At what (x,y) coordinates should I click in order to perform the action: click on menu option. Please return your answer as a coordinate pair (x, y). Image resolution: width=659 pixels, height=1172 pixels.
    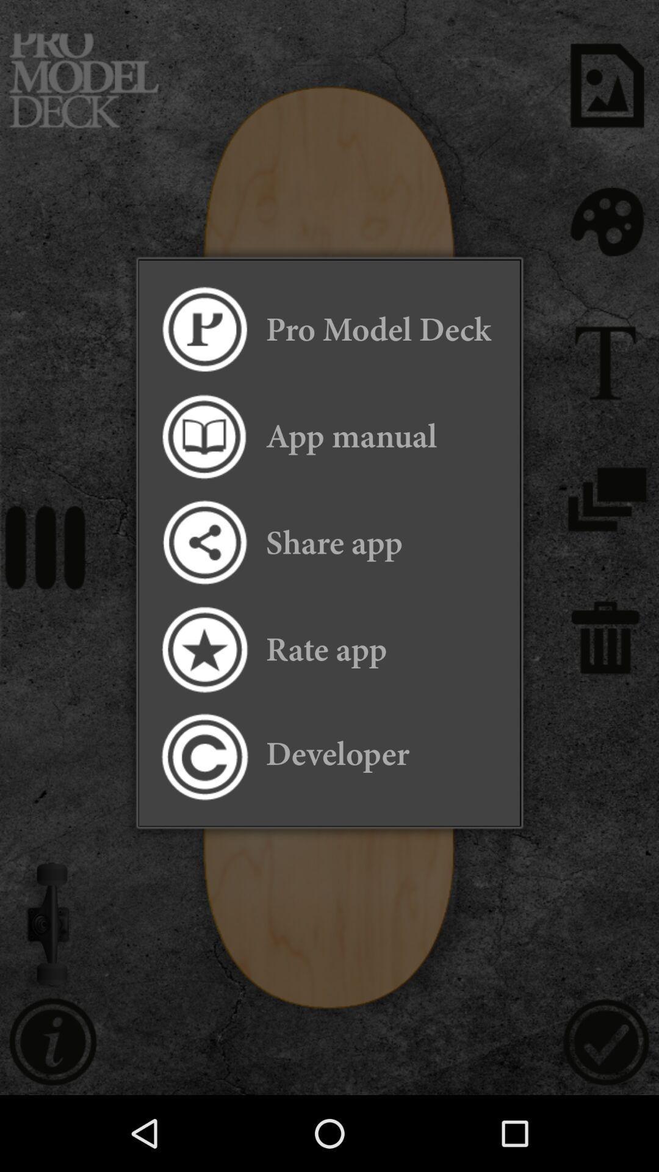
    Looking at the image, I should click on (203, 330).